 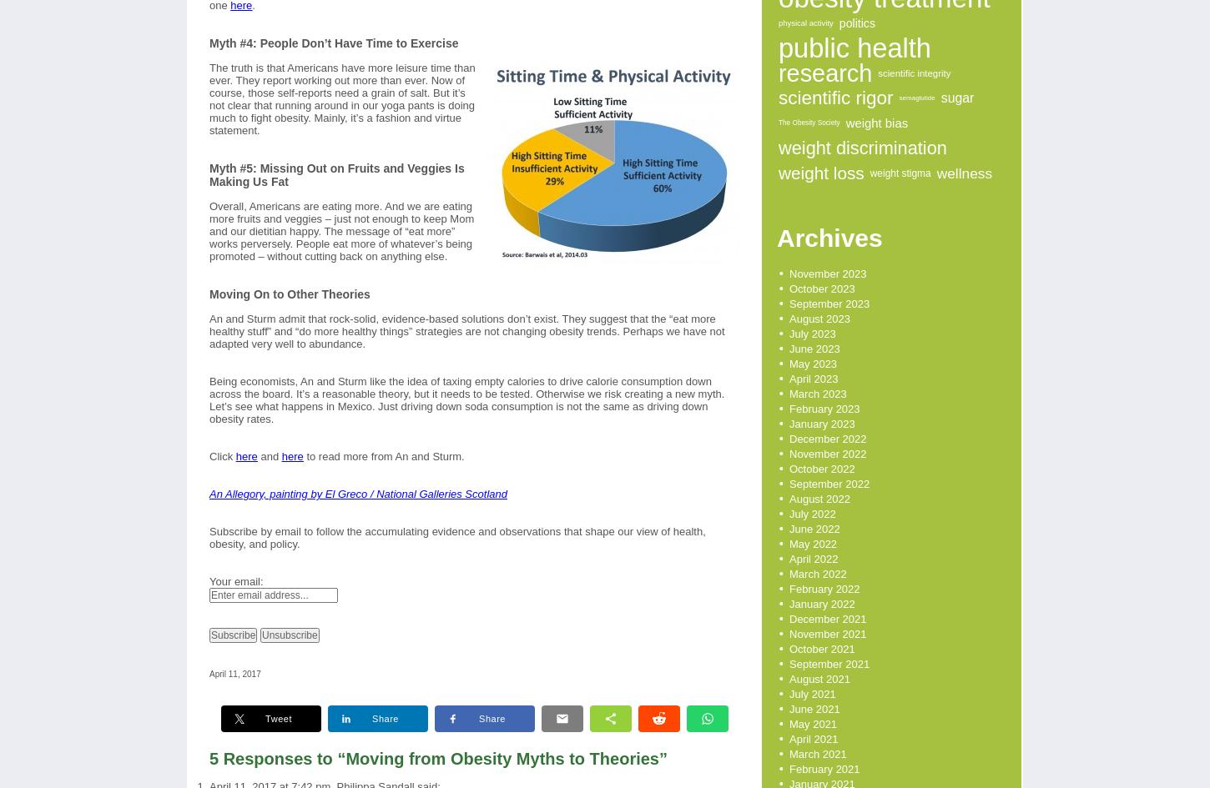 What do you see at coordinates (234, 673) in the screenshot?
I see `'April 11, 2017'` at bounding box center [234, 673].